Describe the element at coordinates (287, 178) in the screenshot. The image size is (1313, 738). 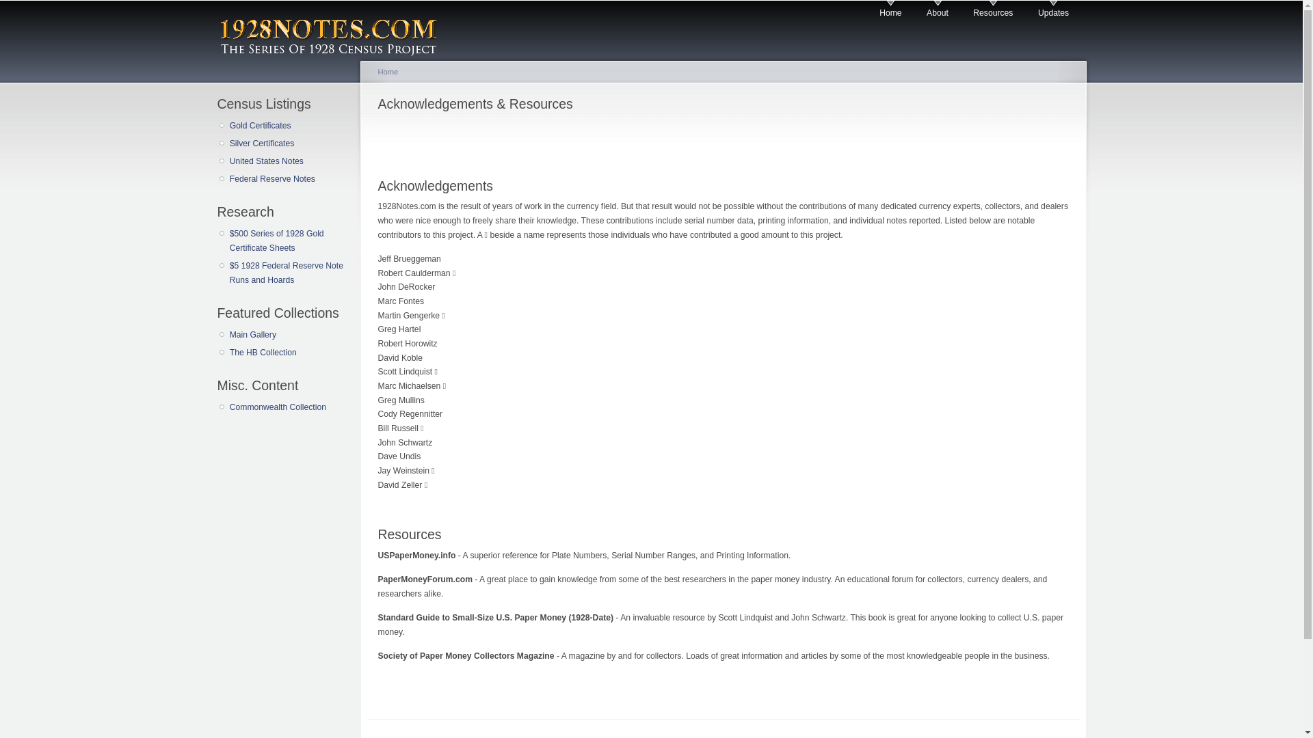
I see `'Federal Reserve Notes'` at that location.